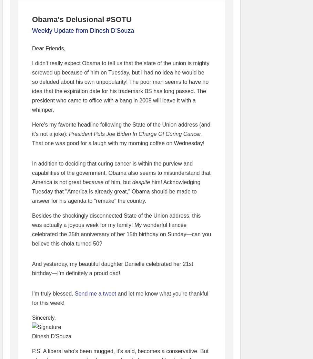  What do you see at coordinates (31, 298) in the screenshot?
I see `'and let me know what you're thankful for this week!'` at bounding box center [31, 298].